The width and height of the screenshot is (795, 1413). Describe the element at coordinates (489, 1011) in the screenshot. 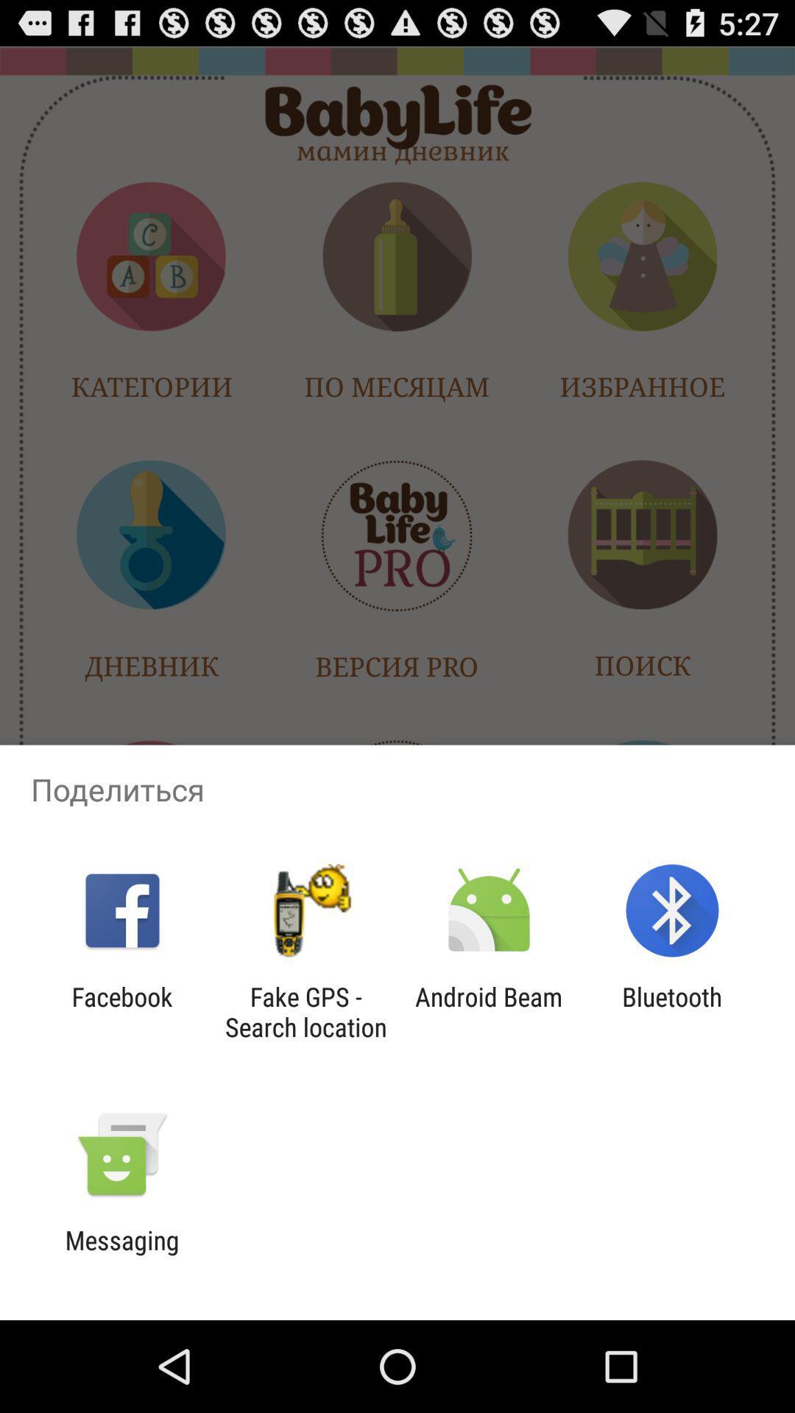

I see `the item next to the fake gps search item` at that location.